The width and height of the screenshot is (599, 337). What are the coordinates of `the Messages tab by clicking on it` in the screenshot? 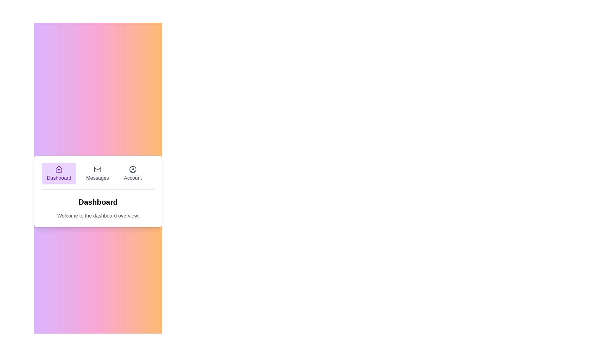 It's located at (97, 173).